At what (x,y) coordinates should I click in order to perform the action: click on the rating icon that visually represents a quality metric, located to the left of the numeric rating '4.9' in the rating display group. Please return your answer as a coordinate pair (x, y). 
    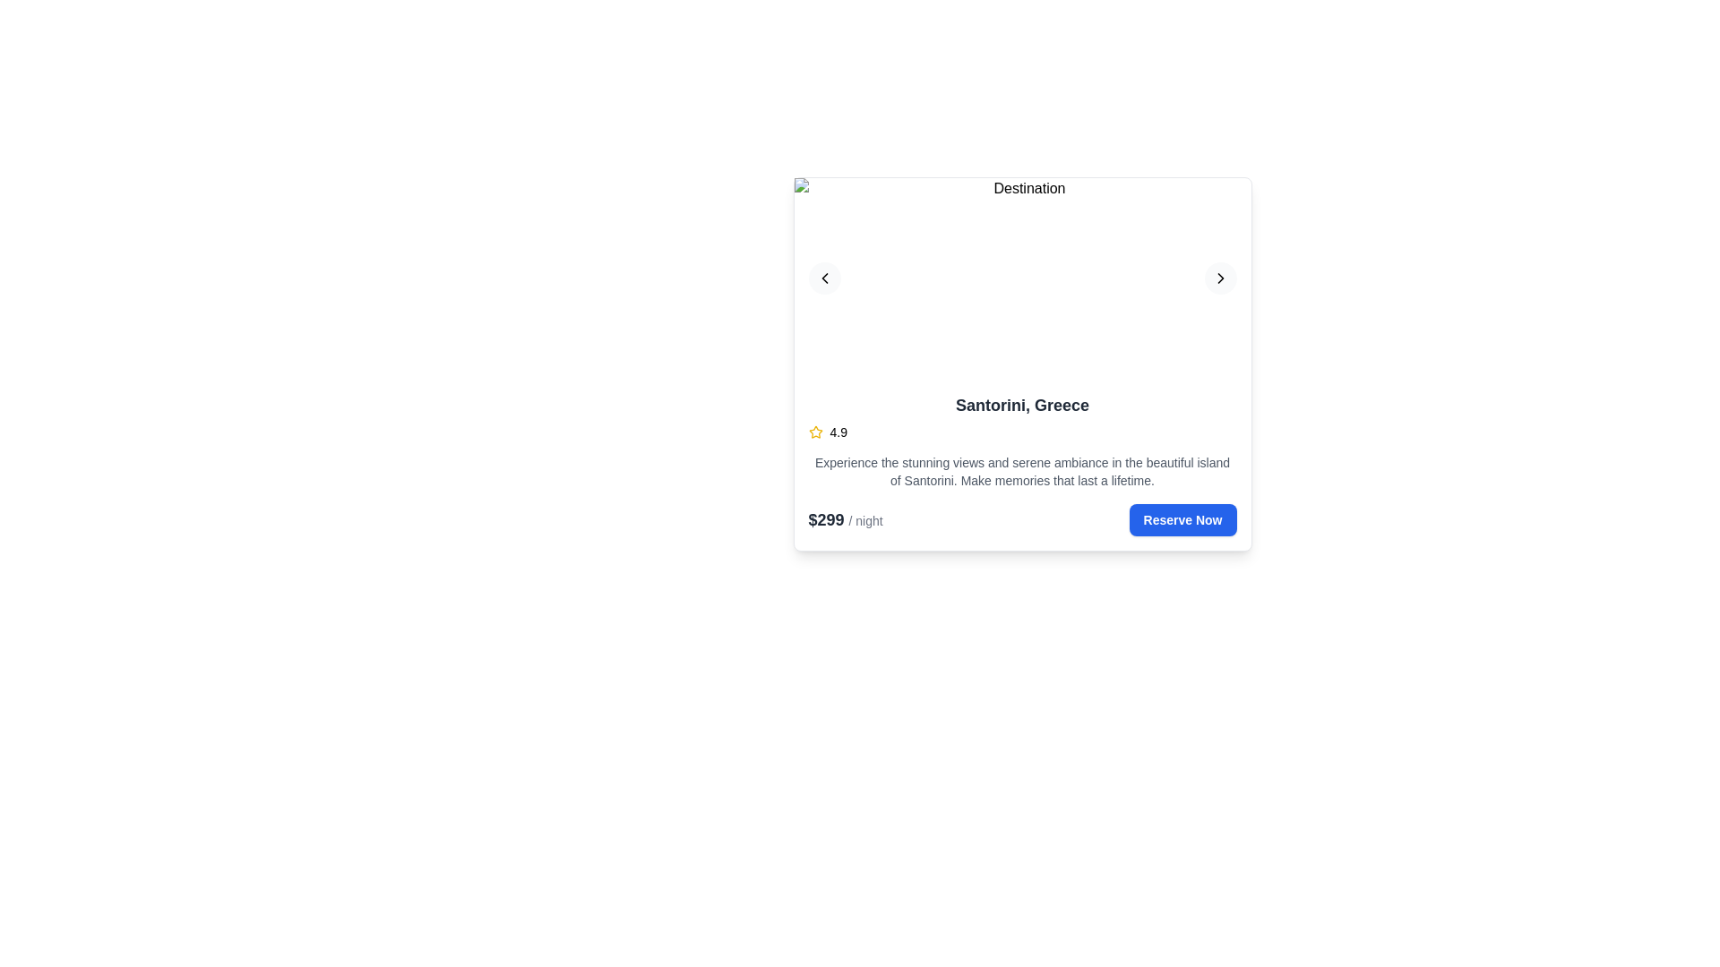
    Looking at the image, I should click on (814, 432).